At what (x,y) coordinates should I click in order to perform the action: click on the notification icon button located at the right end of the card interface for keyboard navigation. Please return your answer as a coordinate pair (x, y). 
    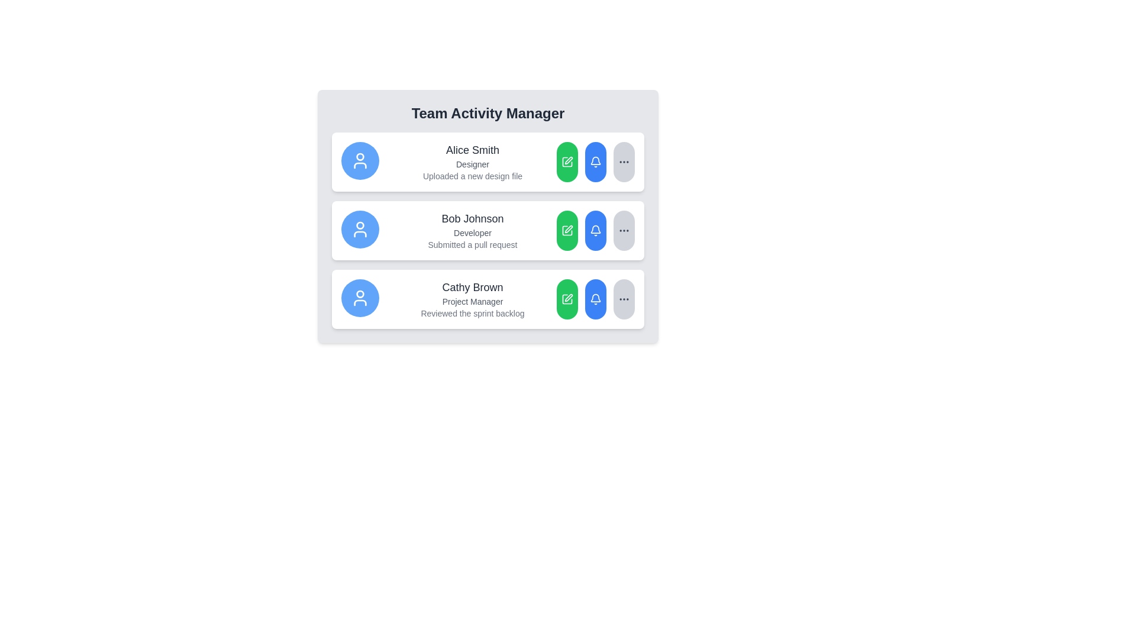
    Looking at the image, I should click on (596, 160).